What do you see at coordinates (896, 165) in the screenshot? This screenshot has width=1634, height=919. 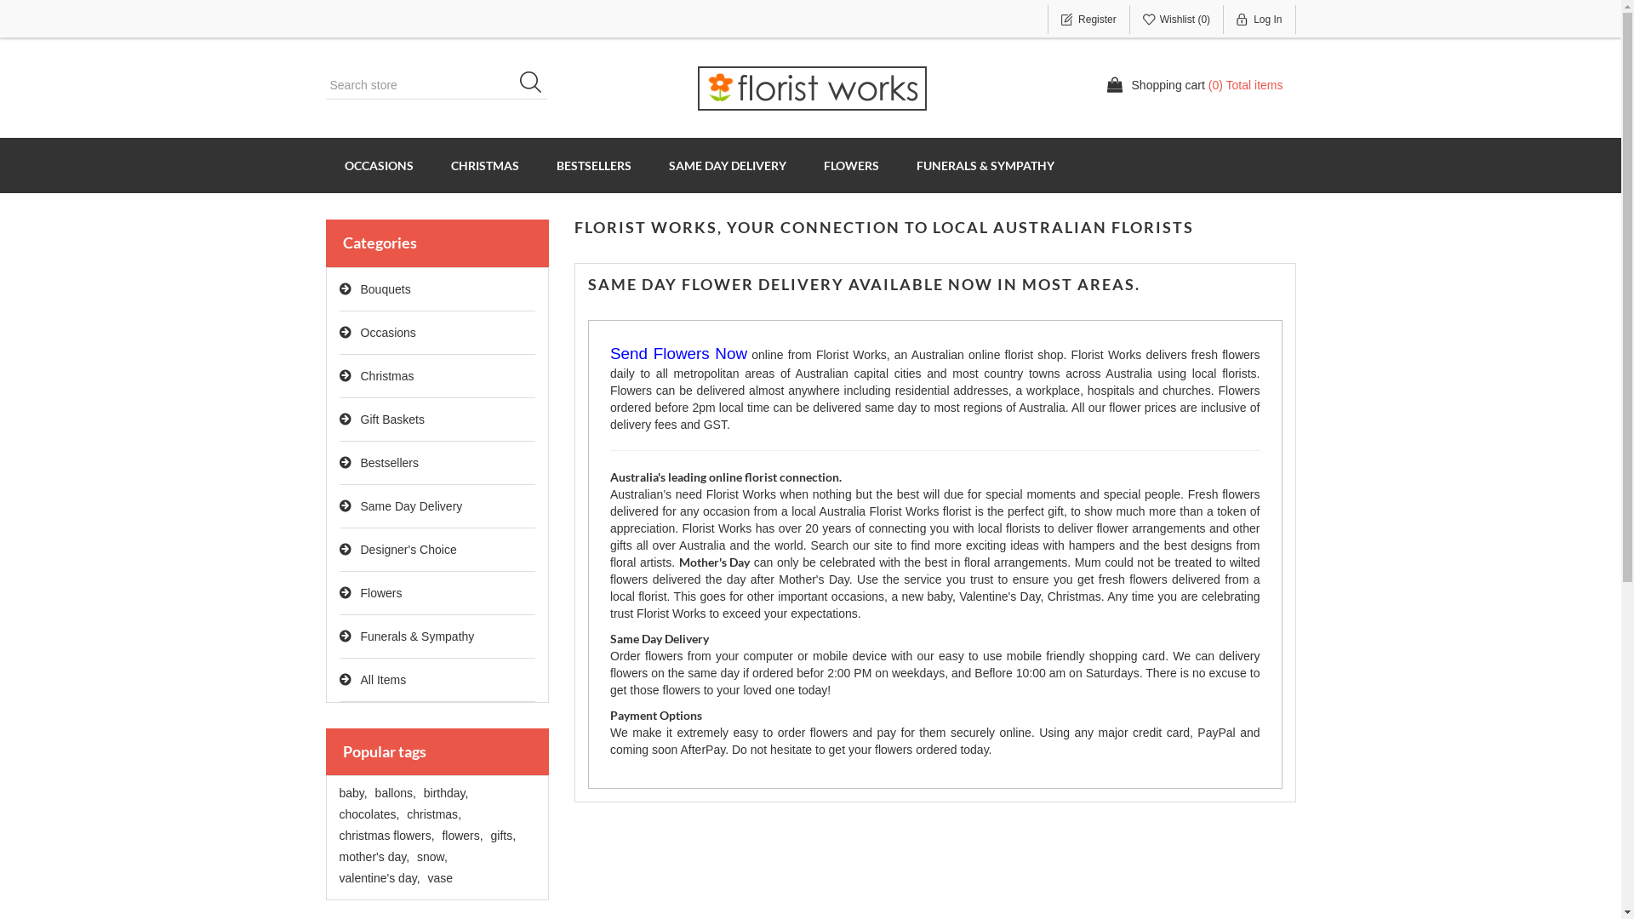 I see `'FUNERALS & SYMPATHY'` at bounding box center [896, 165].